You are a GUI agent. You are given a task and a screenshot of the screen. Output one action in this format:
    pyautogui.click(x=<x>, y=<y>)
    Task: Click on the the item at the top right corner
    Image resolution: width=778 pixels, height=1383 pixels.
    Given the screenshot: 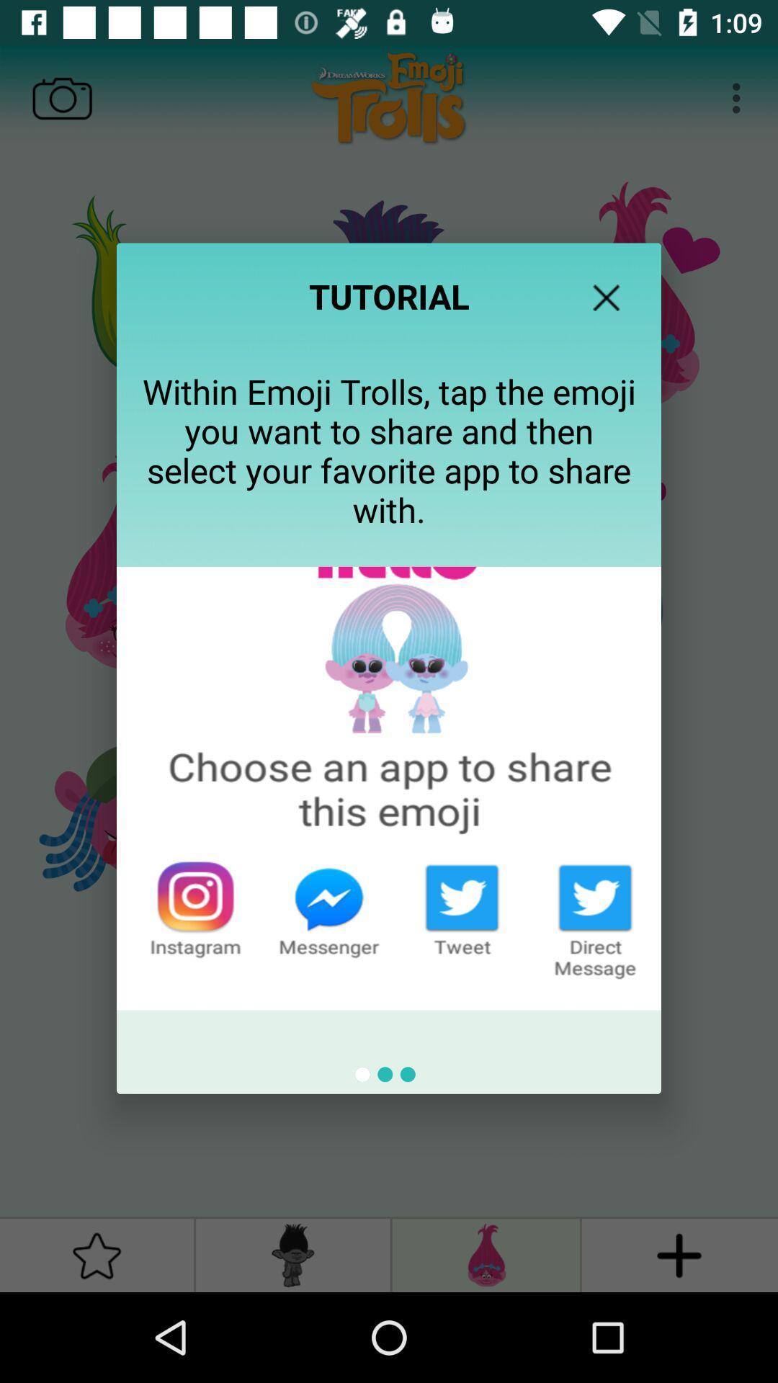 What is the action you would take?
    pyautogui.click(x=606, y=297)
    